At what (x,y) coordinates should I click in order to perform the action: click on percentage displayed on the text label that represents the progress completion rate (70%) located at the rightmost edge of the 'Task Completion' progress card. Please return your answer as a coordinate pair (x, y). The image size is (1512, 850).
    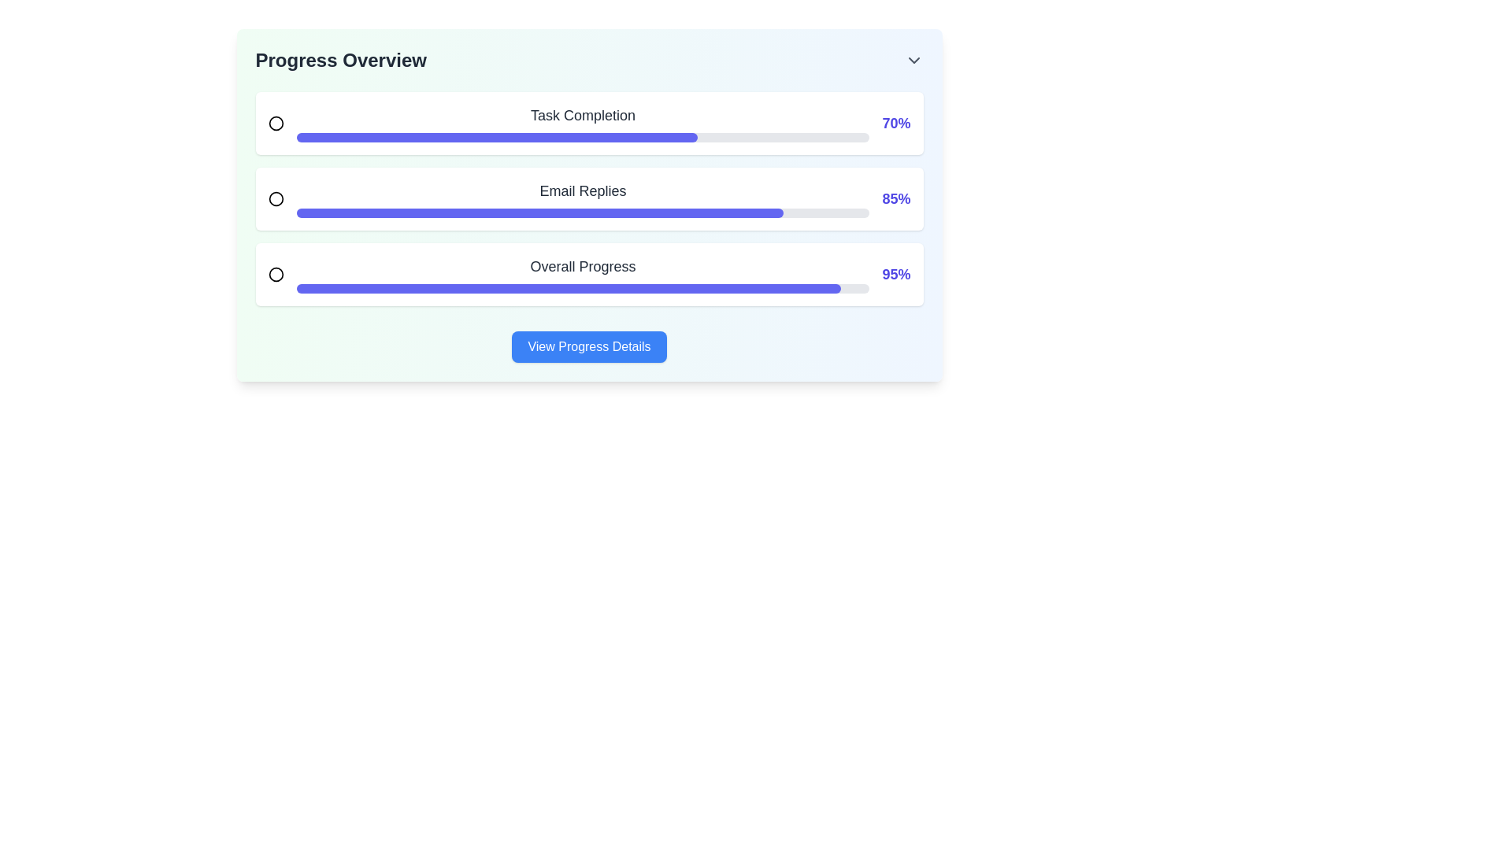
    Looking at the image, I should click on (896, 123).